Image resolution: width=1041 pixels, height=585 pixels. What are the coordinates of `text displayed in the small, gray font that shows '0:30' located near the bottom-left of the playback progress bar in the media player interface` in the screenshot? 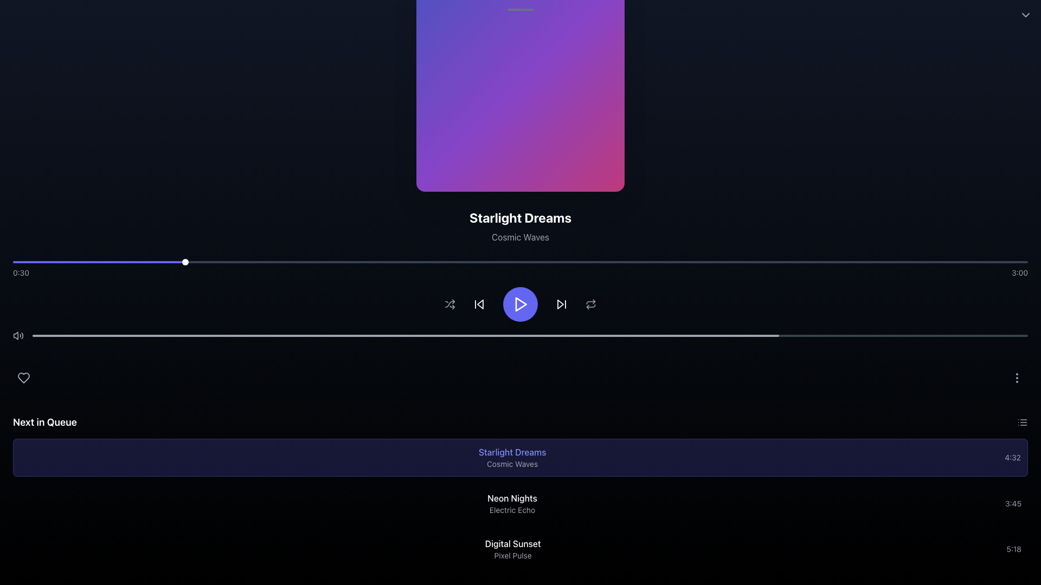 It's located at (21, 272).